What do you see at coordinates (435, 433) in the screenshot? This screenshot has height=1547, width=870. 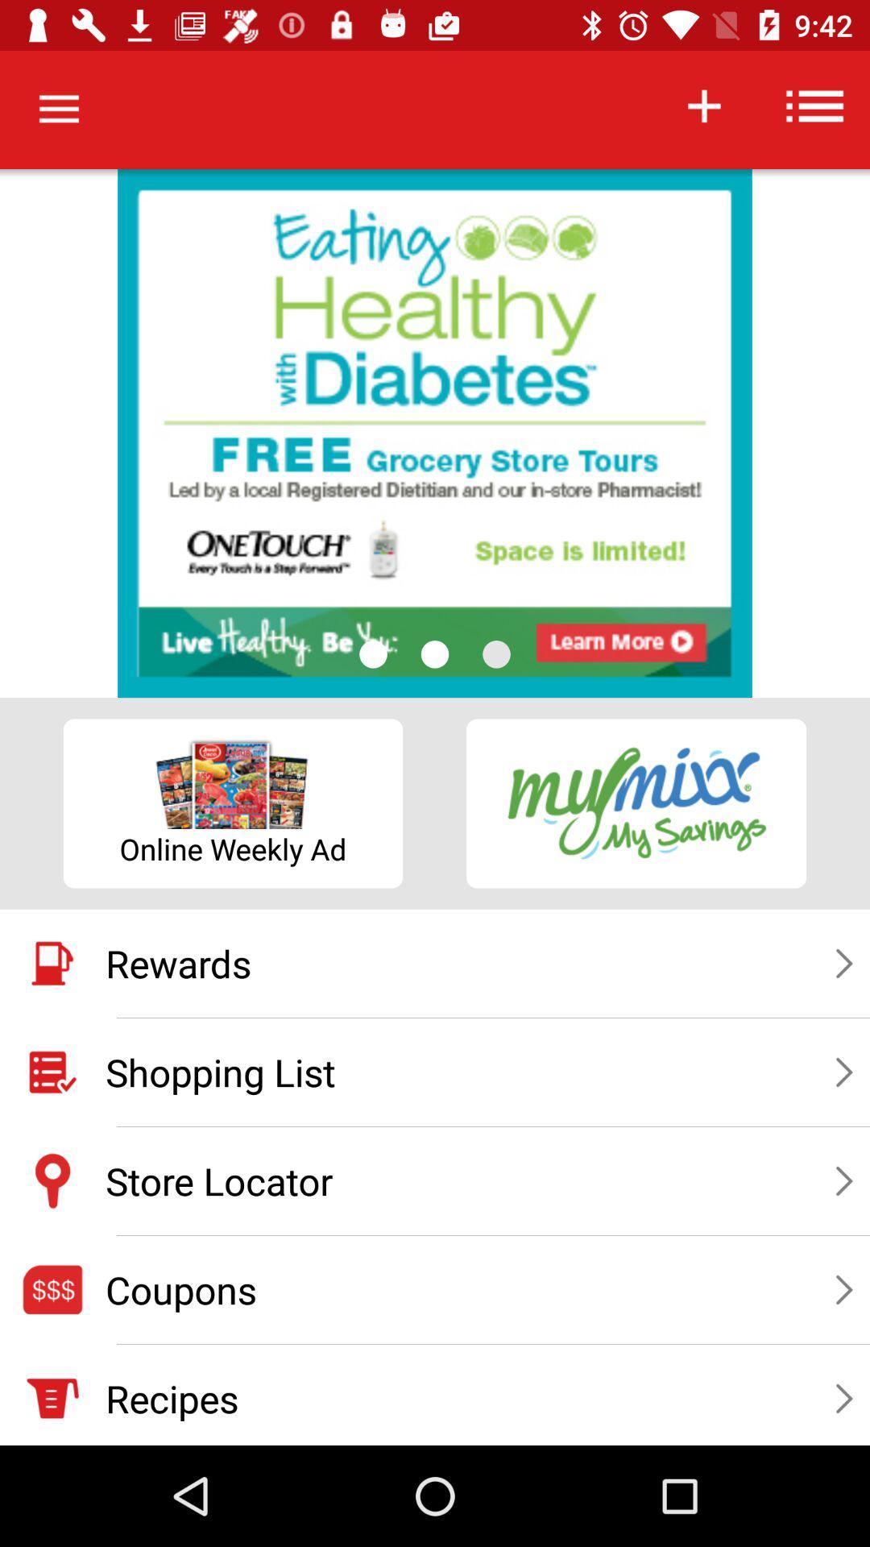 I see `advertisement` at bounding box center [435, 433].